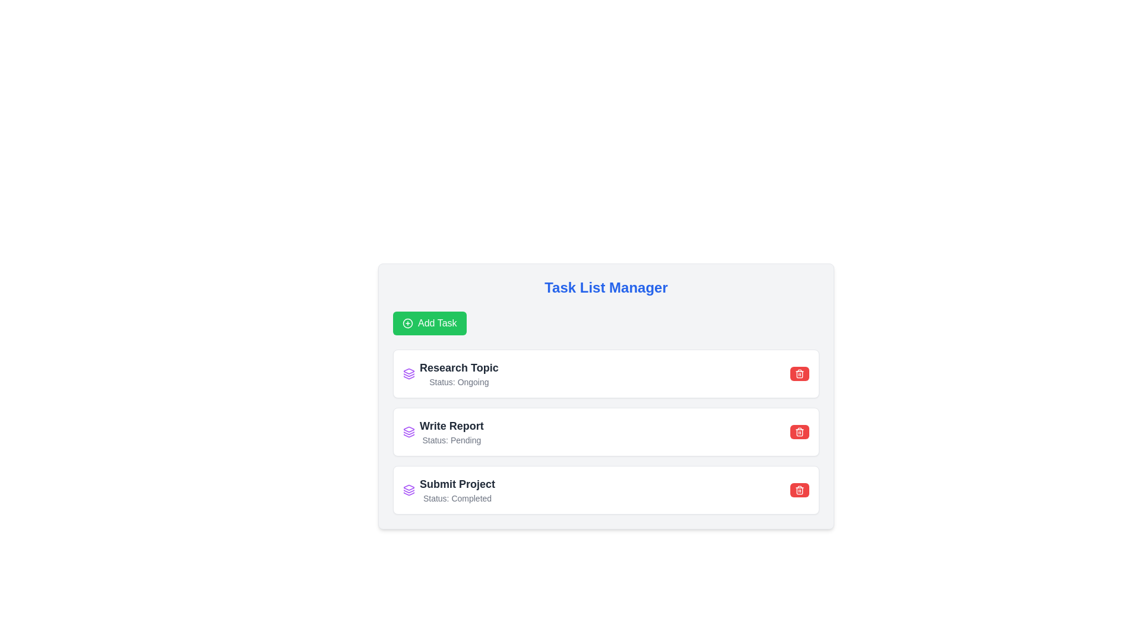  What do you see at coordinates (458, 367) in the screenshot?
I see `the 'Research Topic' text label, which is styled in bold and slightly enlarged font, located at the top of the task list` at bounding box center [458, 367].